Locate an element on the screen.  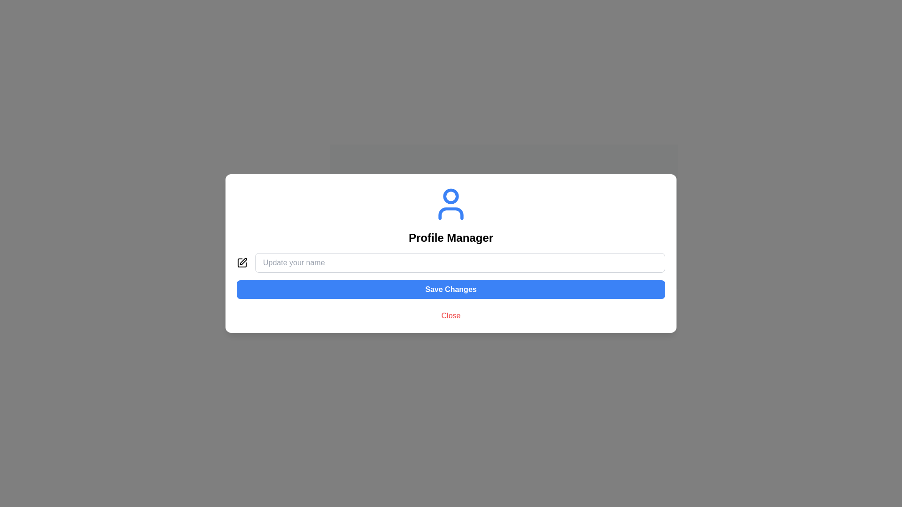
the 'Close' button with bold red text located below the 'Save Changes' button in the profile manager popup is located at coordinates (451, 315).